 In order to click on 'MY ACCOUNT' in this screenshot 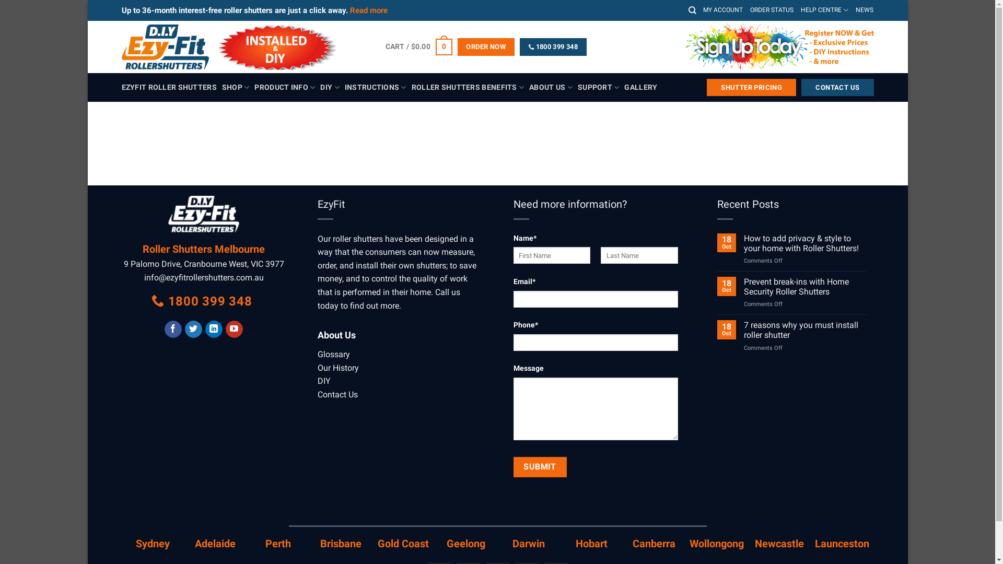, I will do `click(703, 10)`.